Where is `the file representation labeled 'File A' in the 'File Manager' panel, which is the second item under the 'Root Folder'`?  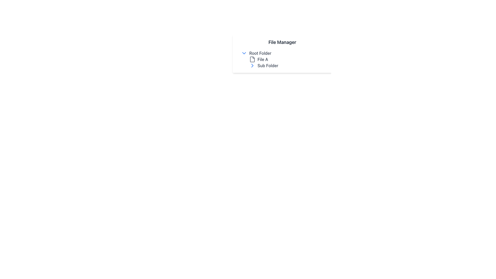 the file representation labeled 'File A' in the 'File Manager' panel, which is the second item under the 'Root Folder' is located at coordinates (282, 59).